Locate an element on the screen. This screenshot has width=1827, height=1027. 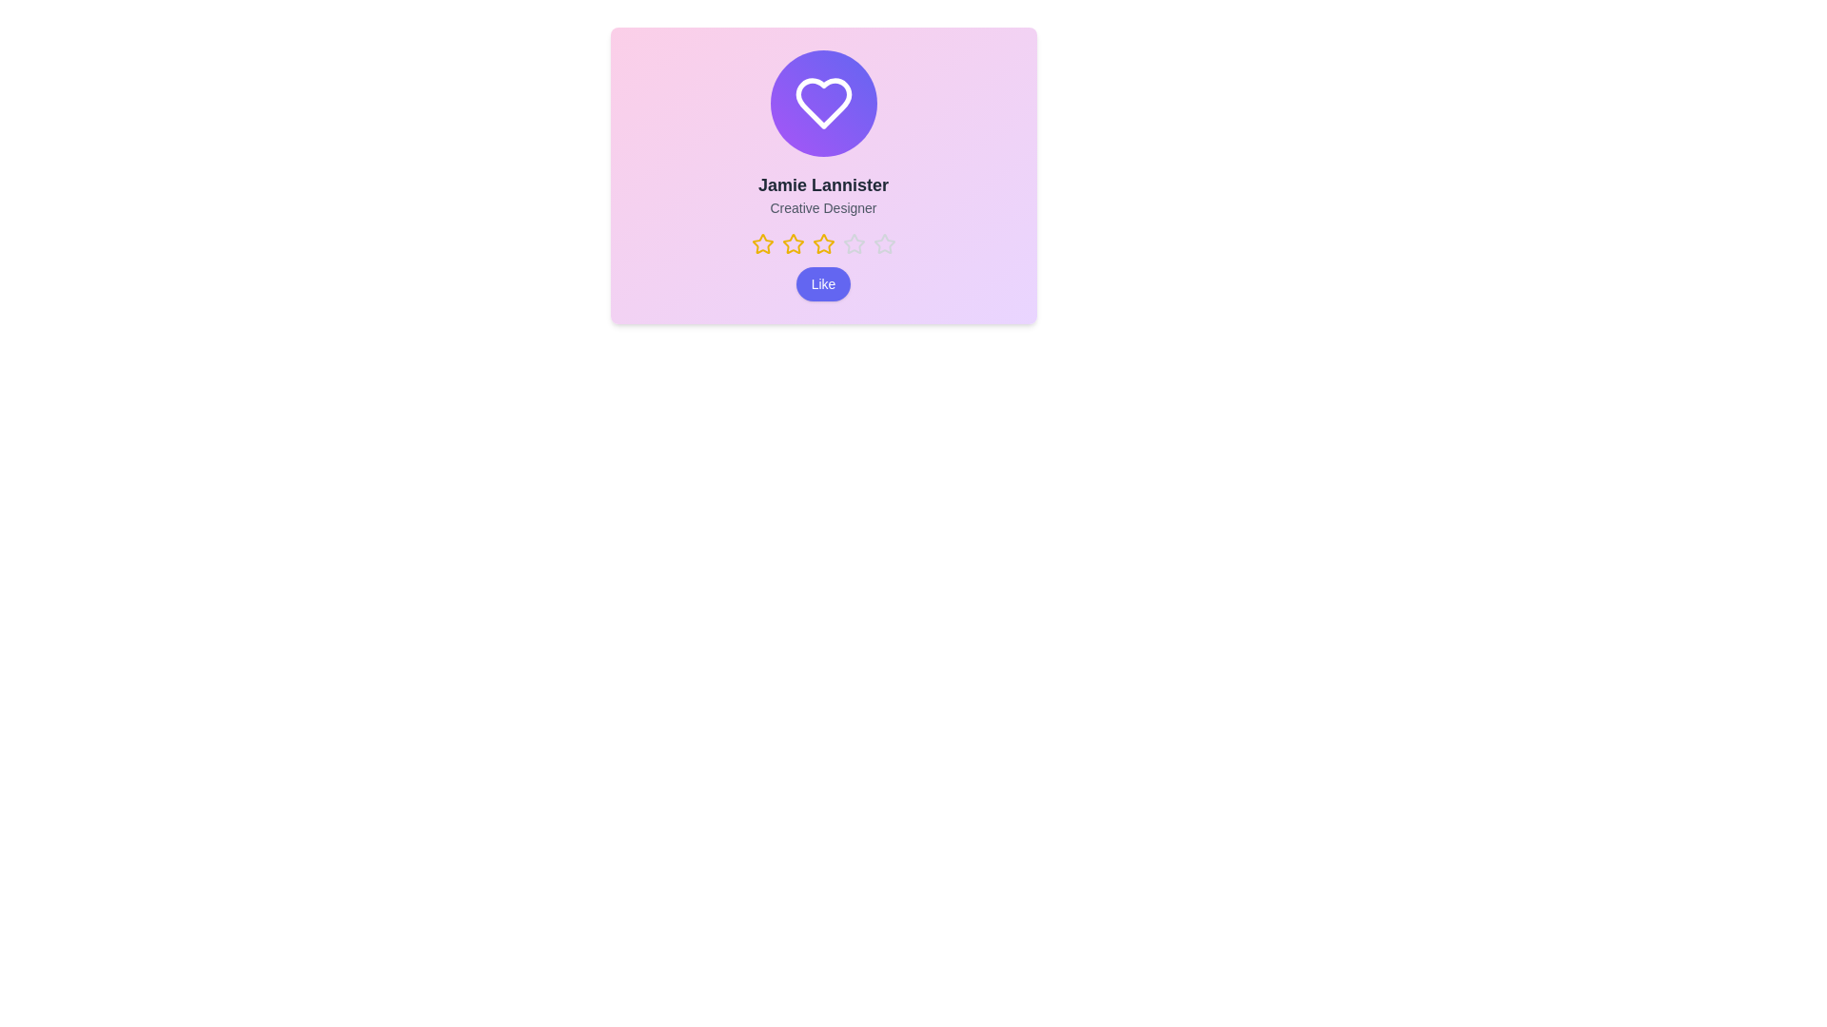
the Star Rating Indicator, which consists of a horizontal set of stars with the third star highlighted in gold, located below the user's name and title in the center of the card is located at coordinates (823, 243).